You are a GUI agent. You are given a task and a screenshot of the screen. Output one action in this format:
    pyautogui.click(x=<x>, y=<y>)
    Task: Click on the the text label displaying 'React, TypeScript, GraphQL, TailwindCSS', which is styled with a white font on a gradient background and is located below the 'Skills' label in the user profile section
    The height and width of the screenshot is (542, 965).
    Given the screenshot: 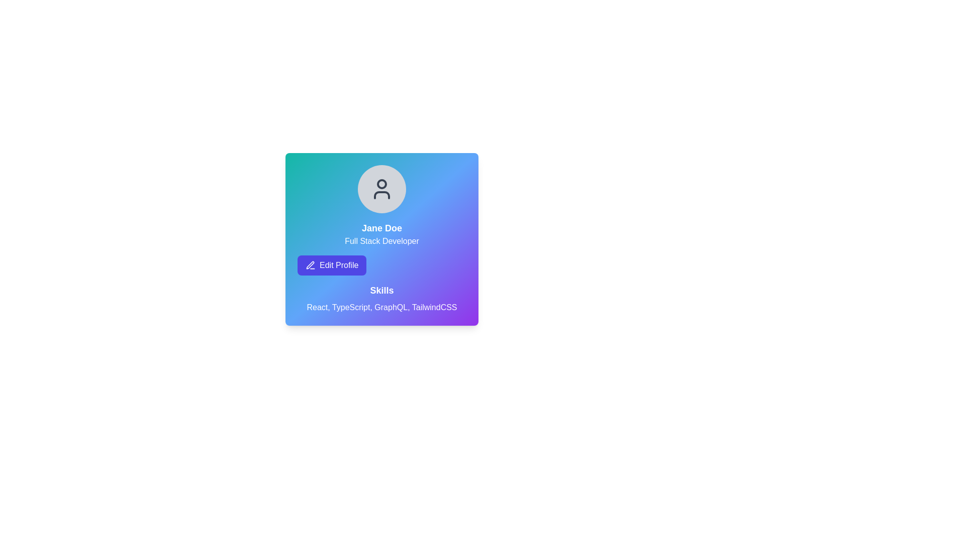 What is the action you would take?
    pyautogui.click(x=381, y=307)
    